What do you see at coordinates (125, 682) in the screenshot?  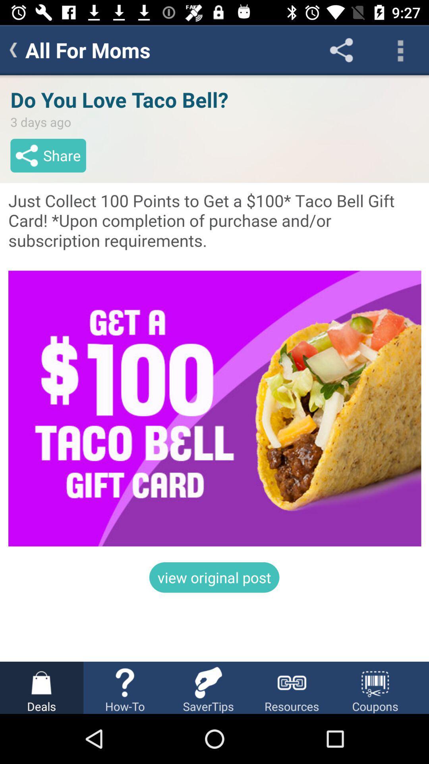 I see `icon which is above howto on a page` at bounding box center [125, 682].